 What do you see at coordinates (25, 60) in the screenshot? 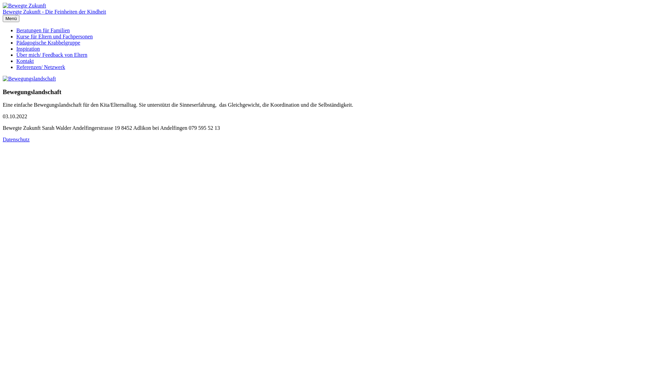
I see `'Kontakt'` at bounding box center [25, 60].